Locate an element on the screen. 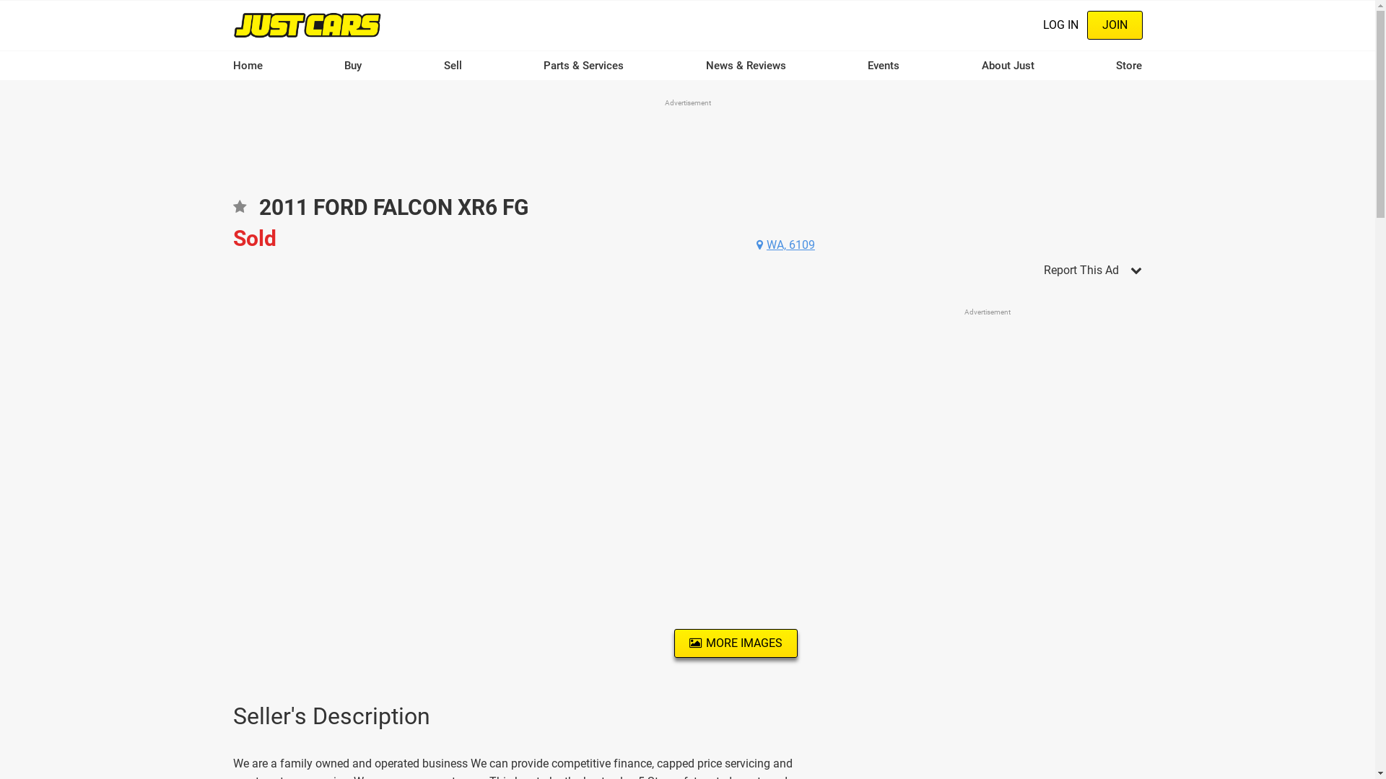 This screenshot has height=779, width=1386. 'Home' is located at coordinates (247, 66).